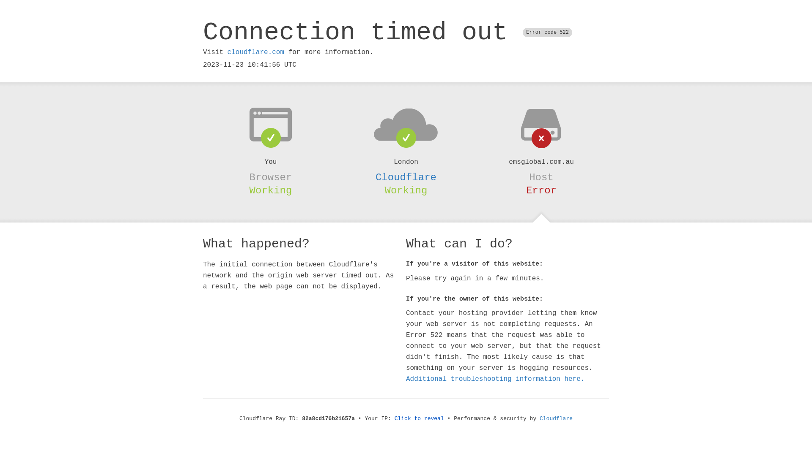 The width and height of the screenshot is (812, 456). I want to click on 'cloudflare.com', so click(255, 52).